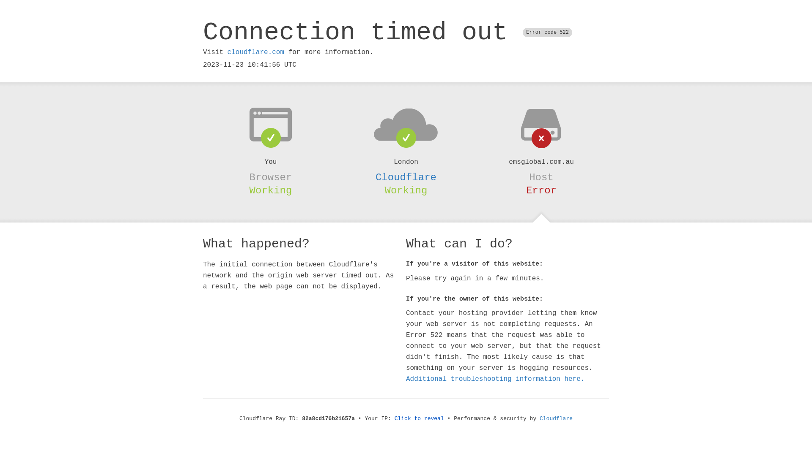 The width and height of the screenshot is (812, 456). I want to click on 'cloudflare.com', so click(255, 52).